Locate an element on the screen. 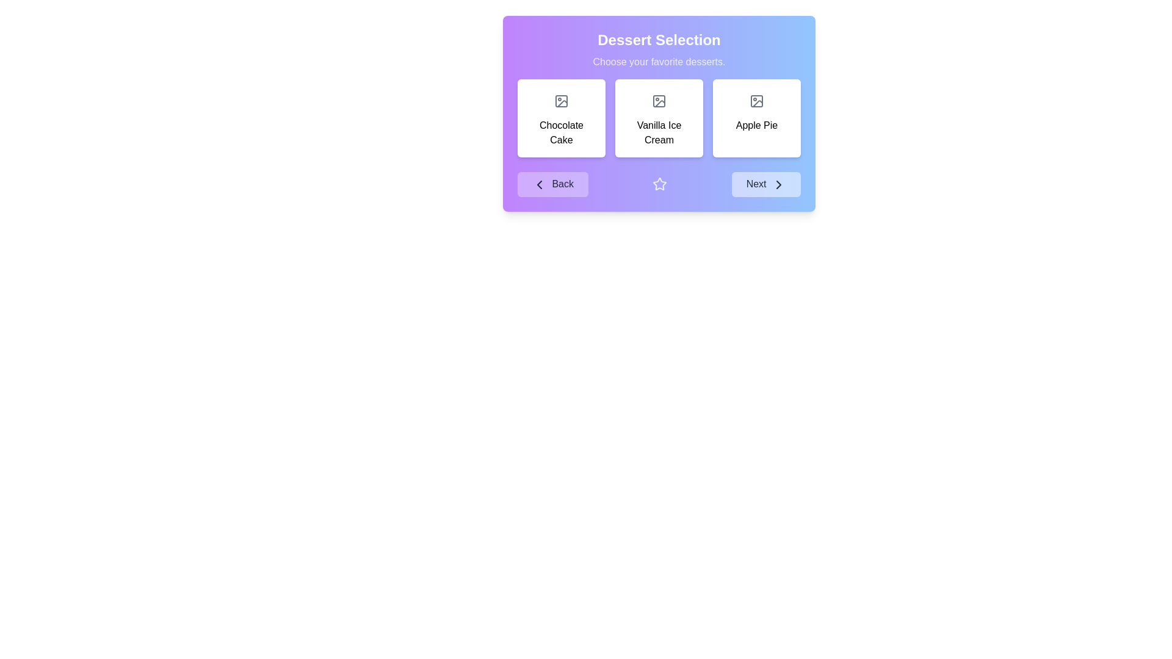 The width and height of the screenshot is (1172, 659). the small white rounded rectangle icon in the dessert selection interface, located under the 'Chocolate Cake' label is located at coordinates (561, 100).